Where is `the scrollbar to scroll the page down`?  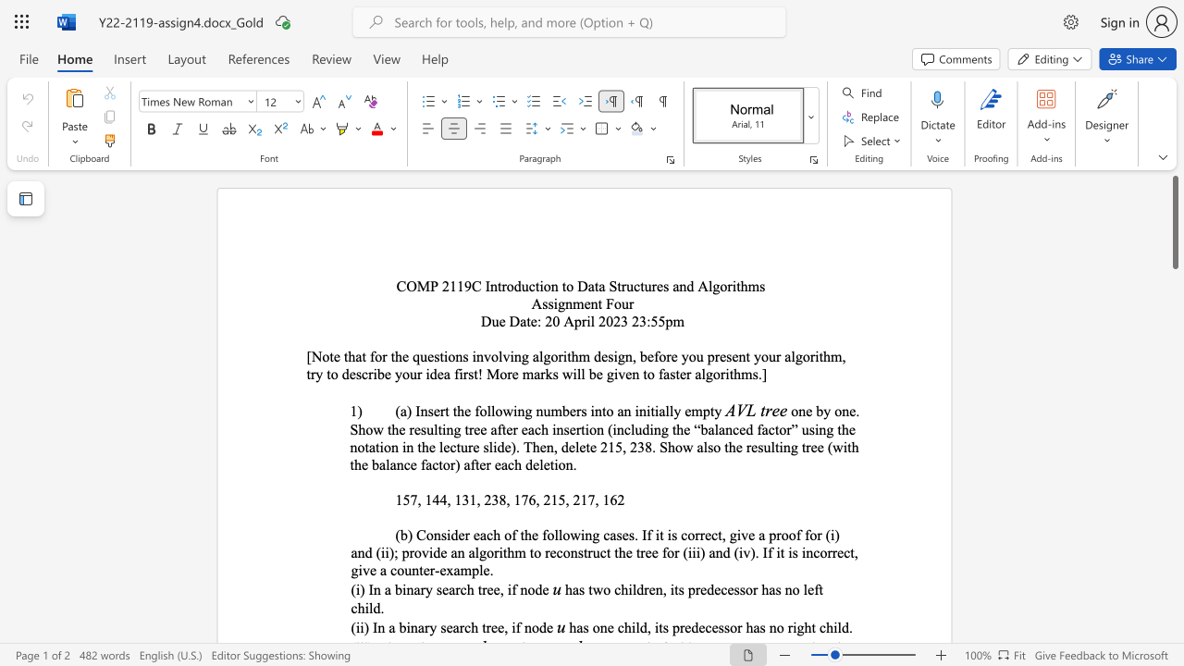
the scrollbar to scroll the page down is located at coordinates (1174, 636).